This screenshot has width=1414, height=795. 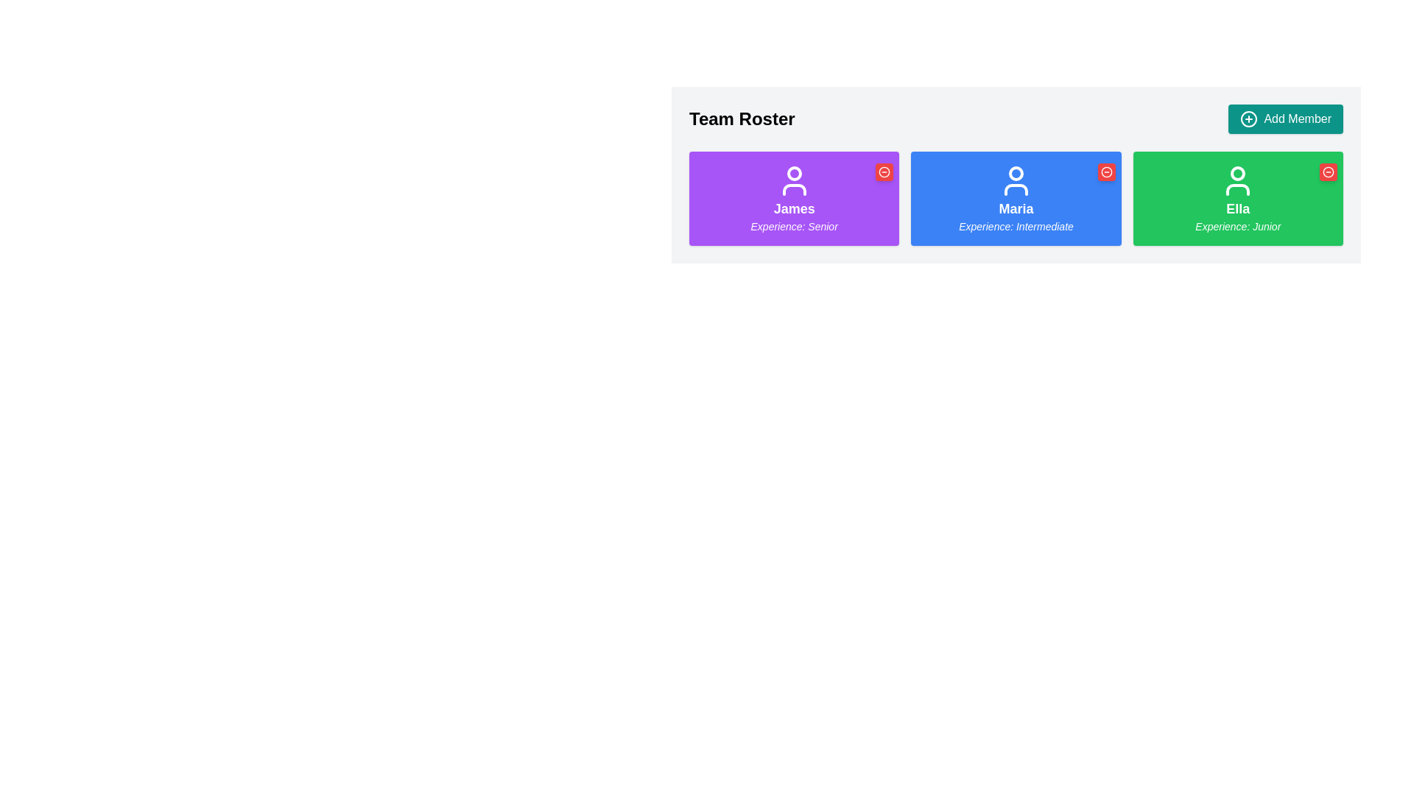 I want to click on the static text label displaying 'Team Roster', which is styled in bold black font and positioned at the top left of the main content area, so click(x=742, y=119).